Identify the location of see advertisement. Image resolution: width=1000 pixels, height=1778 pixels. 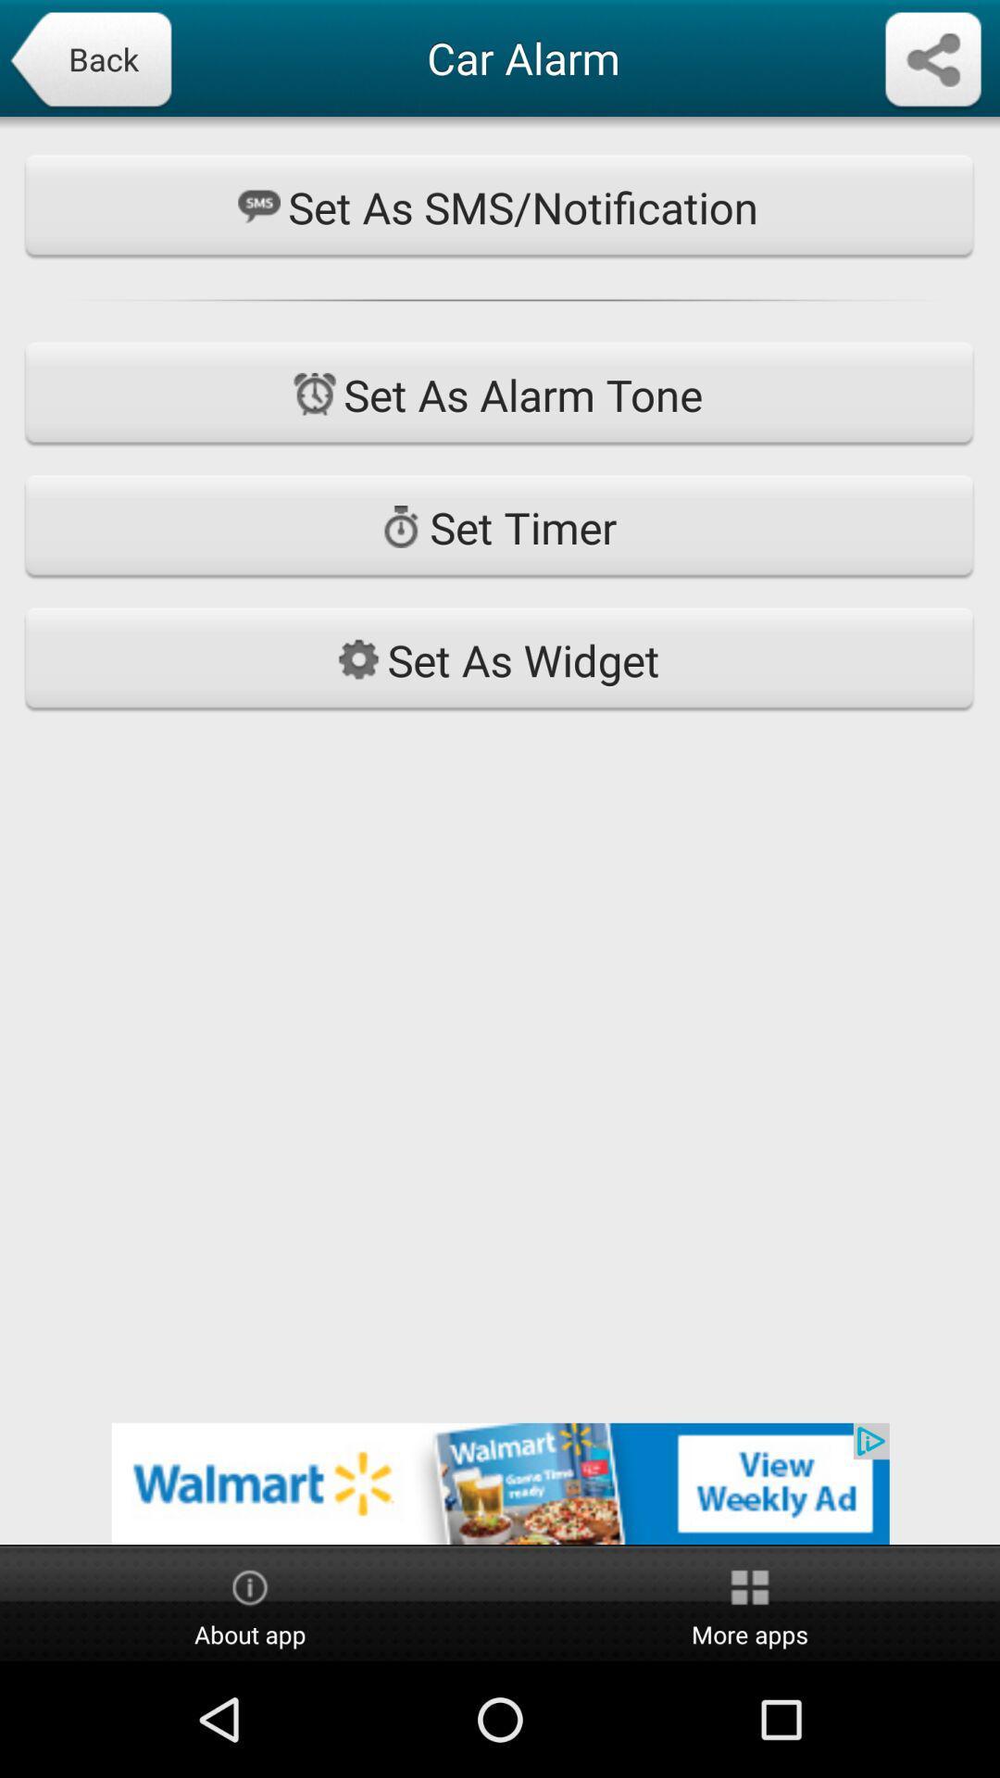
(500, 1484).